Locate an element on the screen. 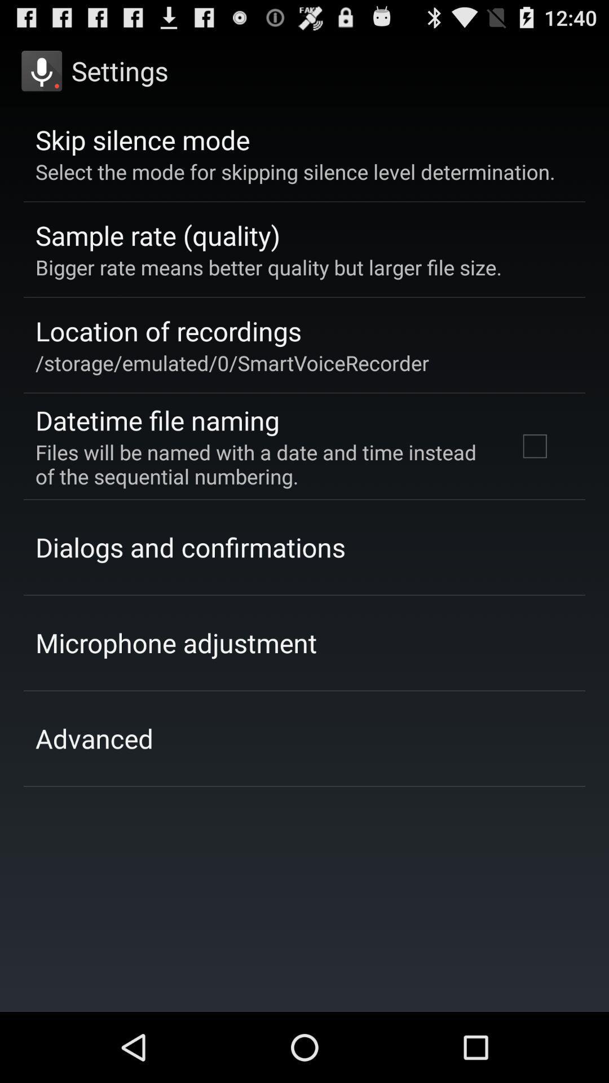 The image size is (609, 1083). the select the mode icon is located at coordinates (294, 171).